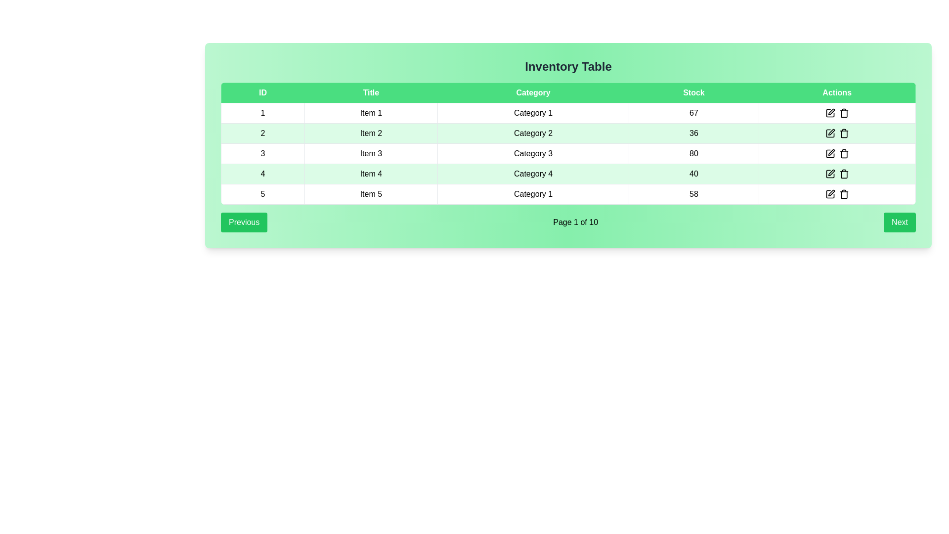 The image size is (949, 534). I want to click on the table cell displaying the value '58' located in the last row under the 'Stock' column, so click(693, 194).